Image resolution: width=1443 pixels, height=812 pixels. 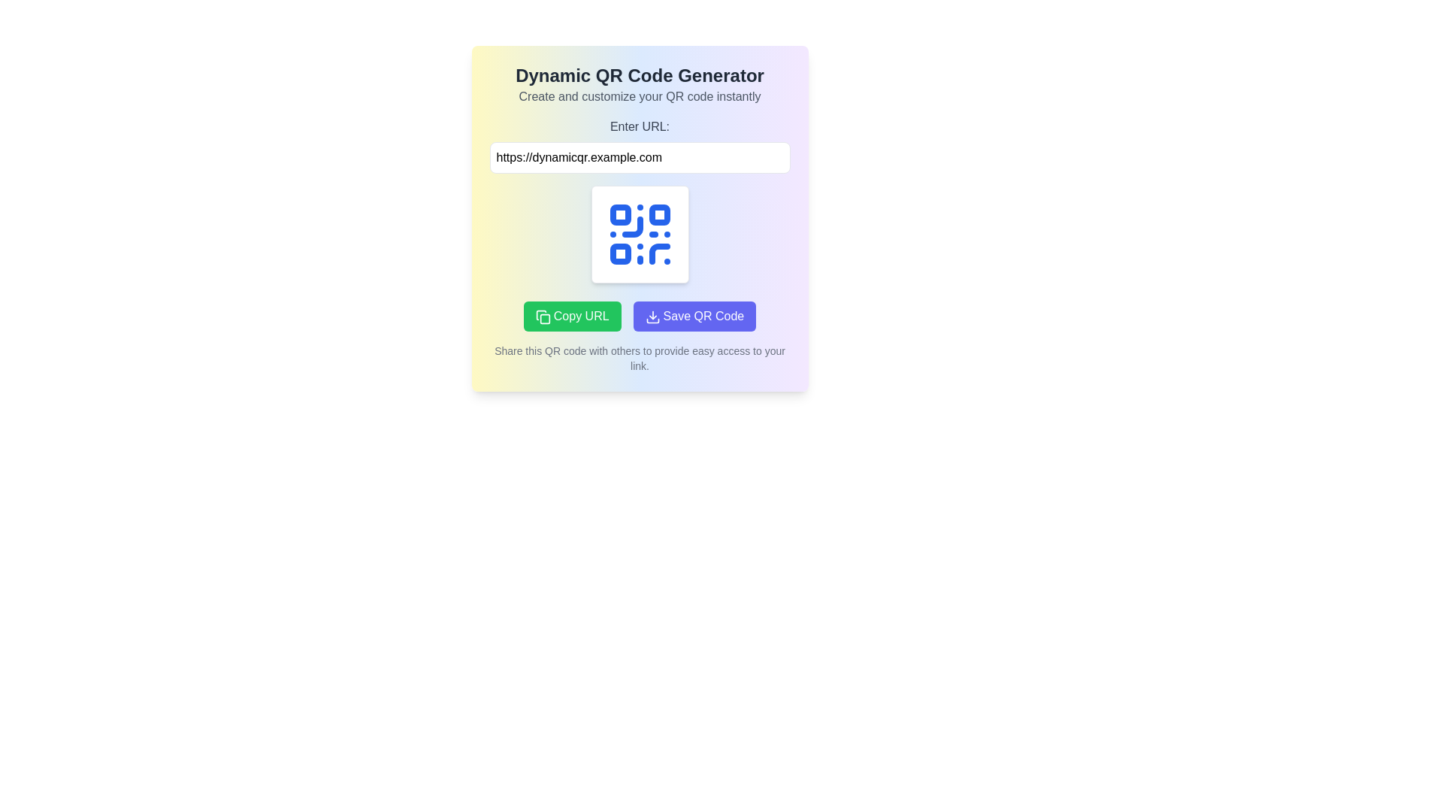 What do you see at coordinates (640, 145) in the screenshot?
I see `the text input field for the URL, located below the heading 'Dynamic QR Code Generator'` at bounding box center [640, 145].